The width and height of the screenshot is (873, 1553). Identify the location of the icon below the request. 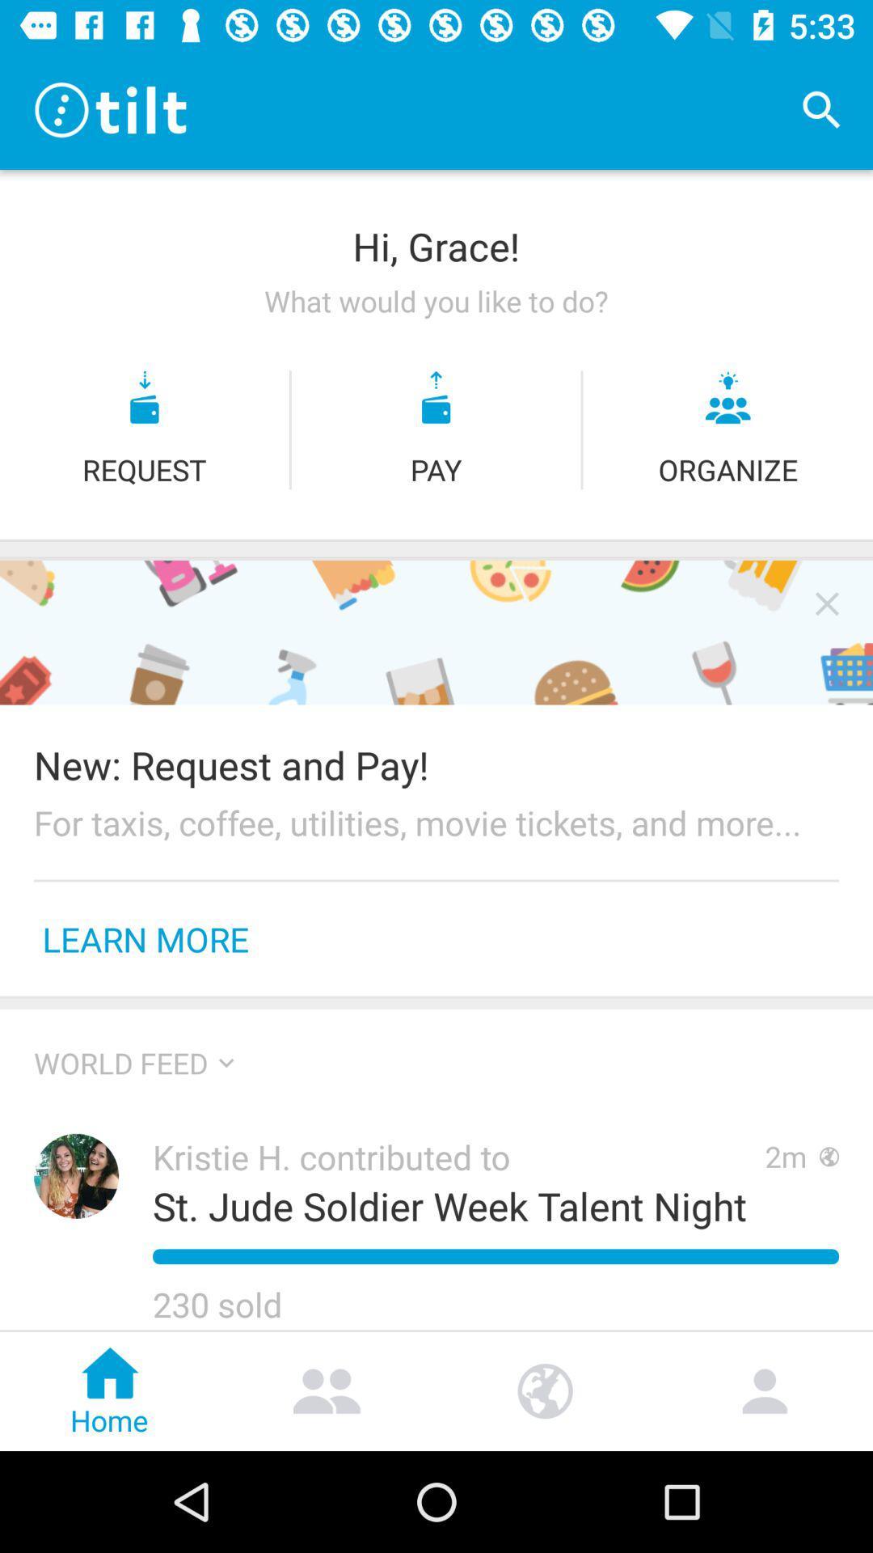
(436, 540).